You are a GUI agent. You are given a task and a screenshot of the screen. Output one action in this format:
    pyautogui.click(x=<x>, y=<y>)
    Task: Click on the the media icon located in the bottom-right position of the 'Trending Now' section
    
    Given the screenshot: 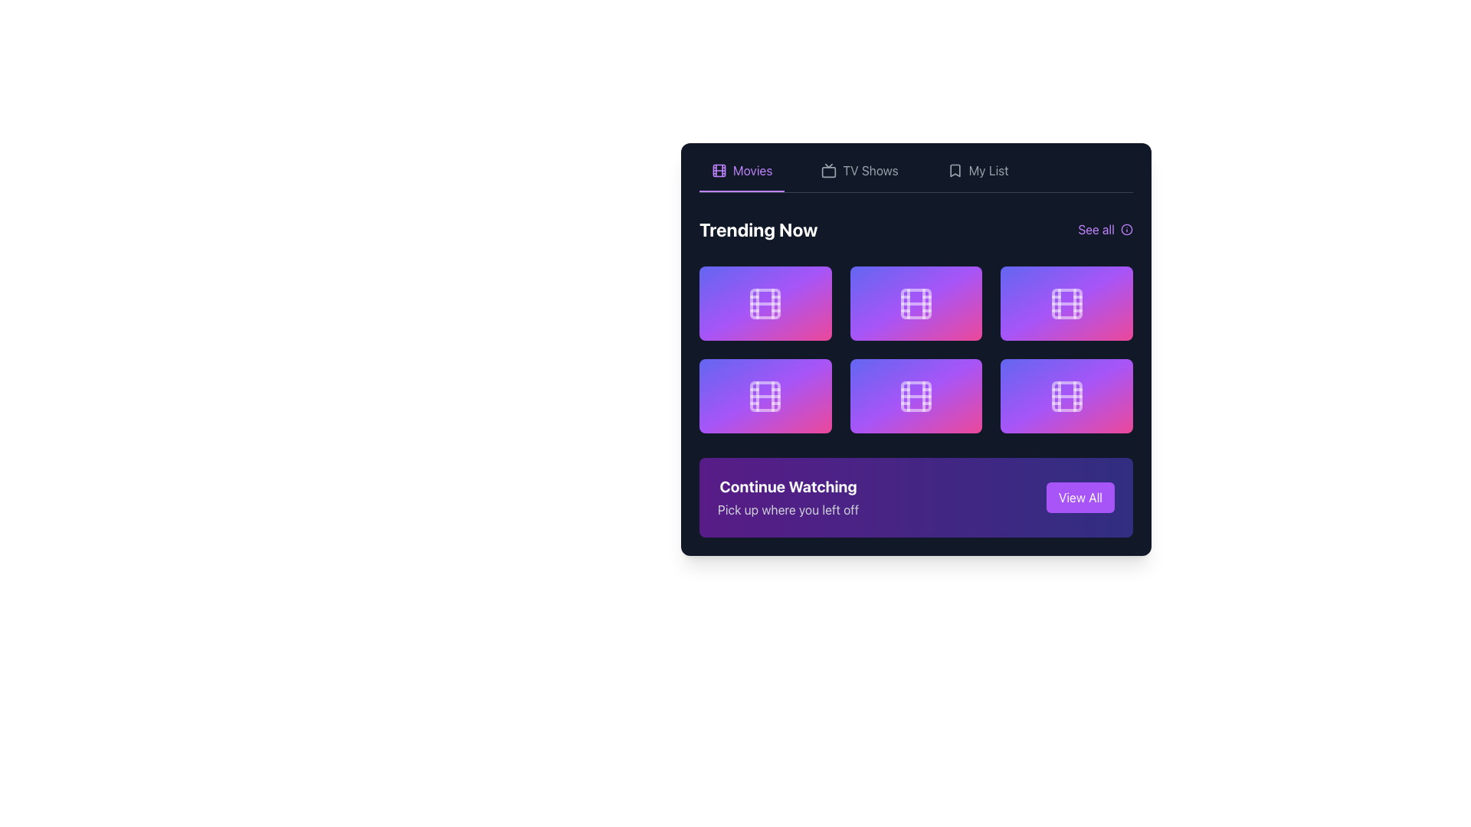 What is the action you would take?
    pyautogui.click(x=1066, y=395)
    